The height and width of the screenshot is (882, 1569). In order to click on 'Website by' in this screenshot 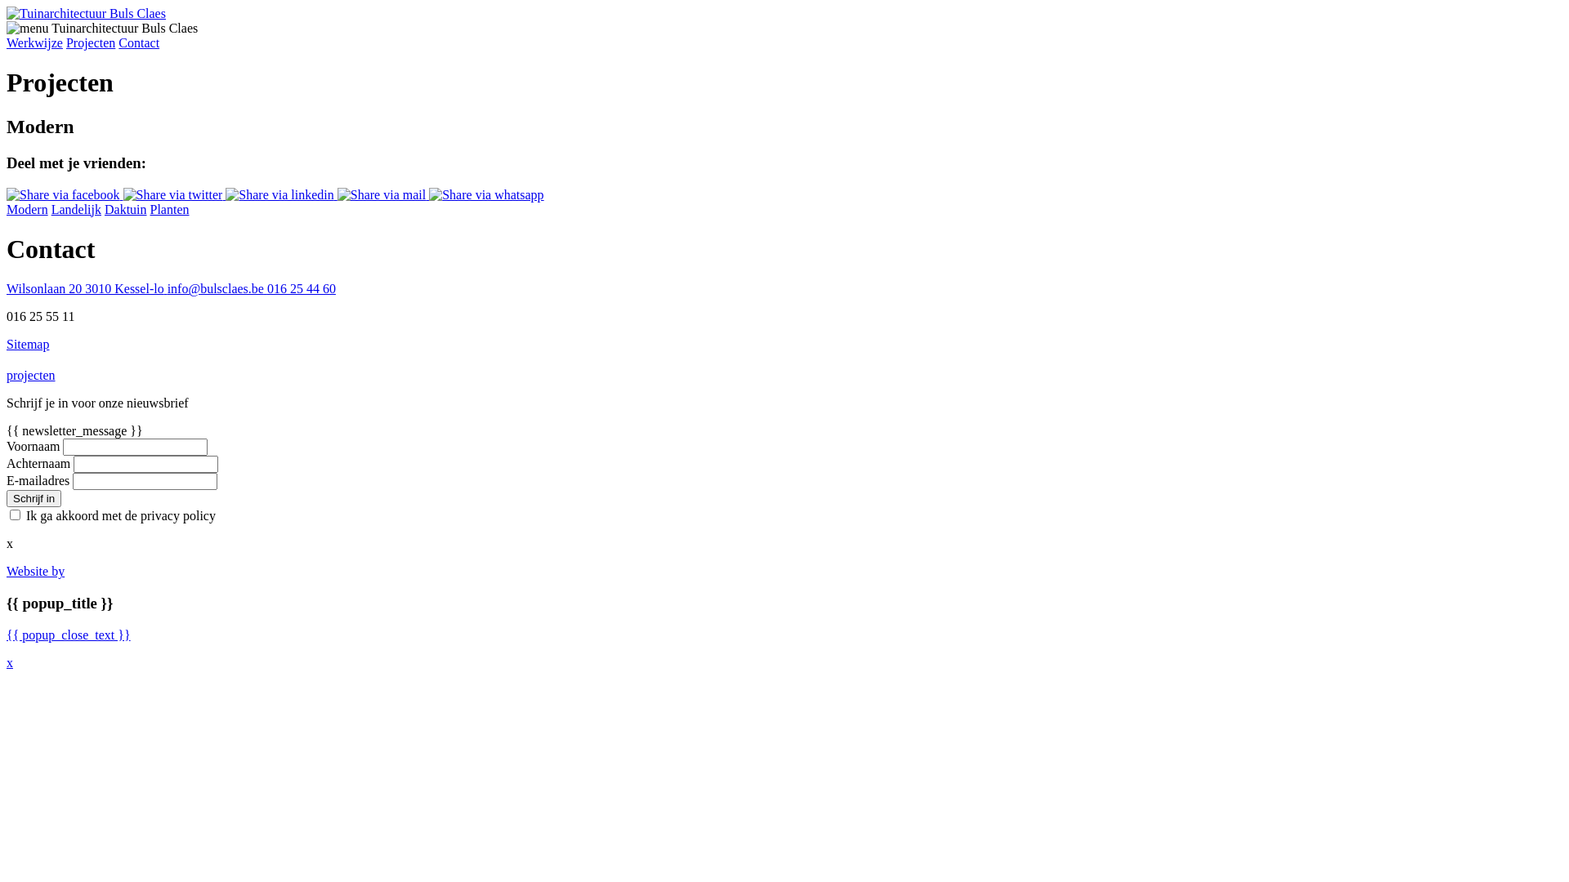, I will do `click(35, 570)`.